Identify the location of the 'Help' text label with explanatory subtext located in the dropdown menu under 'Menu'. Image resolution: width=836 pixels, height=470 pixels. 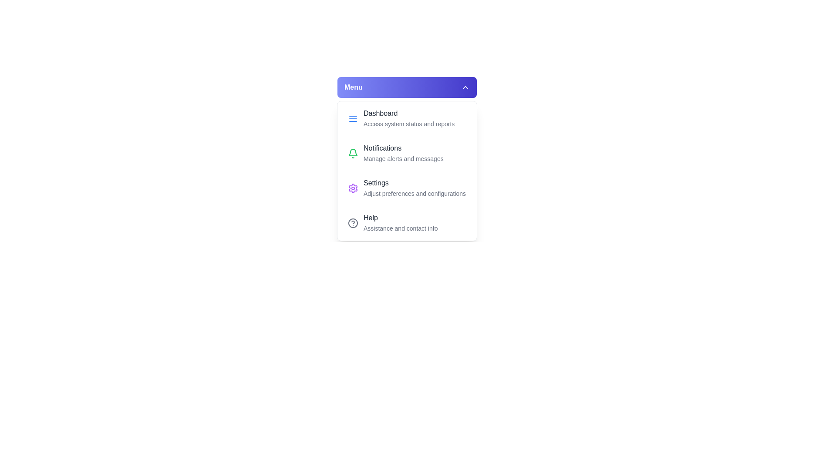
(400, 223).